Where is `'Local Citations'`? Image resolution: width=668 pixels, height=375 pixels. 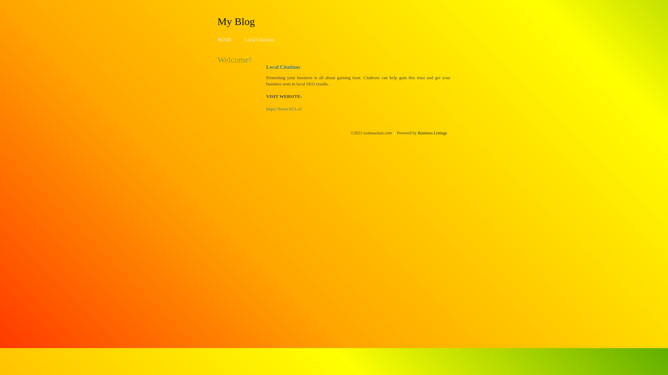
'Local Citations' is located at coordinates (259, 40).